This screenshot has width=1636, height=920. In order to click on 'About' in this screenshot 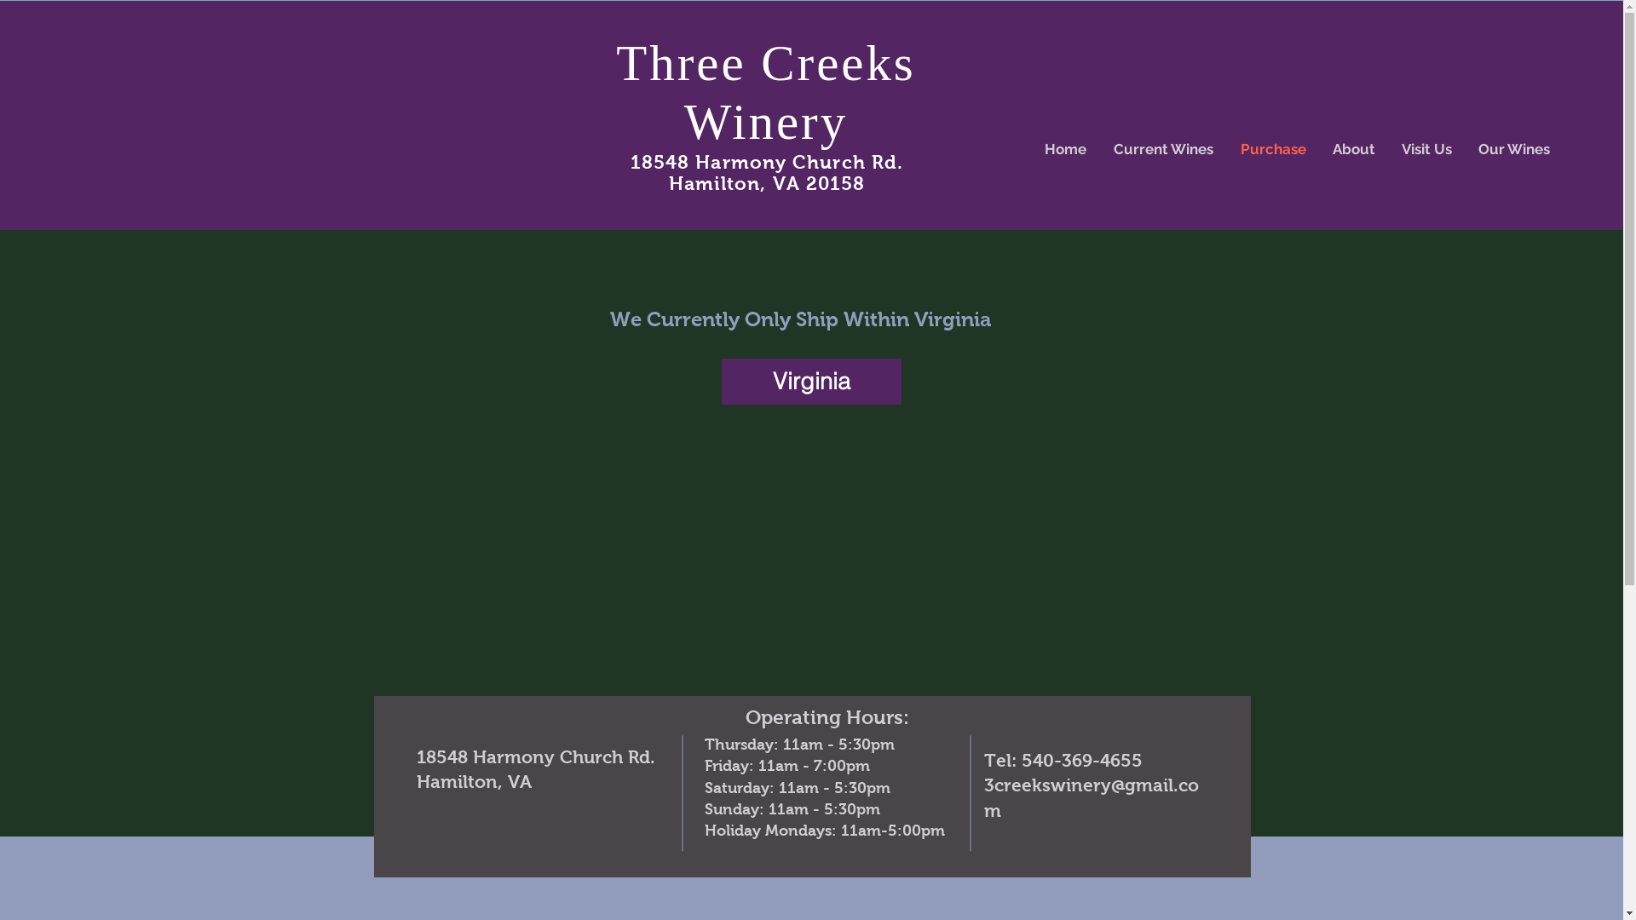, I will do `click(1352, 147)`.